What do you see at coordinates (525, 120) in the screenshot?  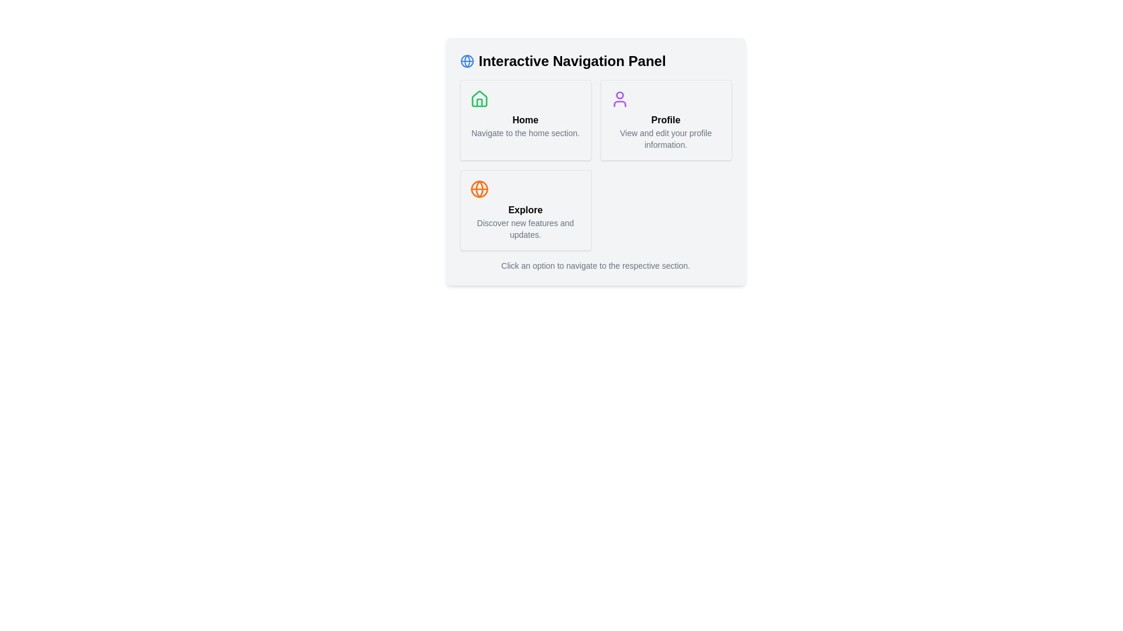 I see `the bold 'Home' text label, which is styled with a sans-serif font and is visually prominent due to its 'font-semibold' styling, located in the upper-left section of the interface inside a card` at bounding box center [525, 120].